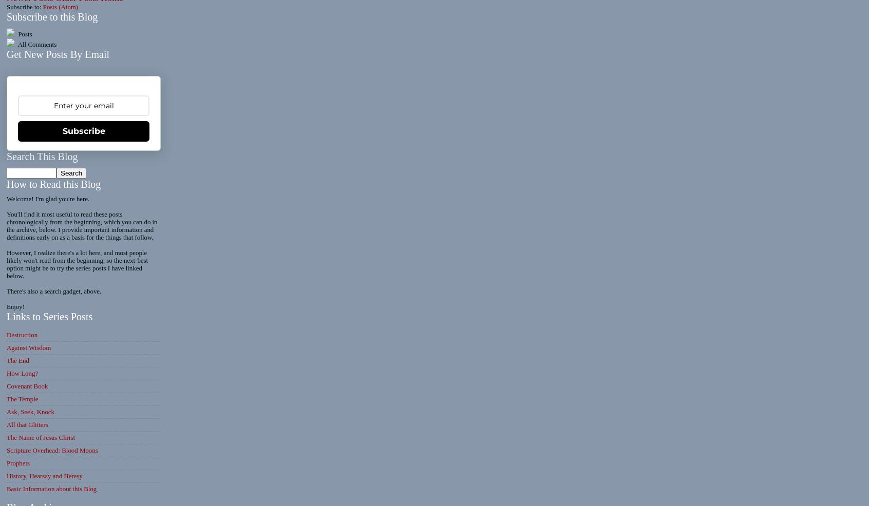 The height and width of the screenshot is (506, 869). What do you see at coordinates (52, 16) in the screenshot?
I see `'Subscribe to this Blog'` at bounding box center [52, 16].